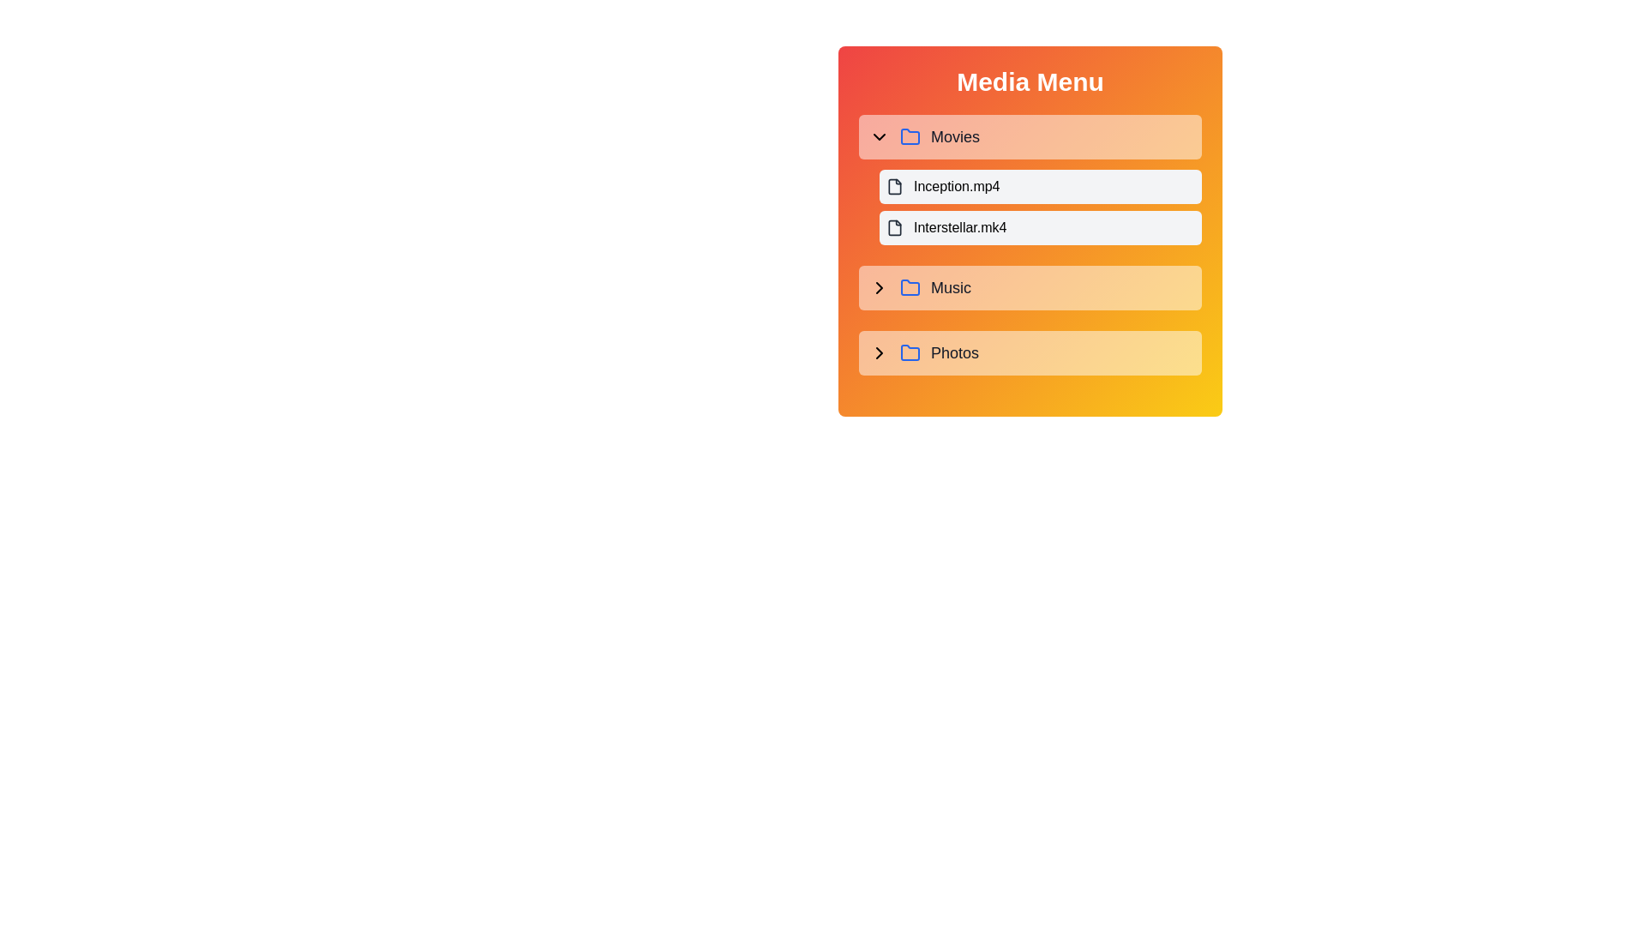  What do you see at coordinates (1029, 179) in the screenshot?
I see `the media item entry labeled 'Inception.mp4'` at bounding box center [1029, 179].